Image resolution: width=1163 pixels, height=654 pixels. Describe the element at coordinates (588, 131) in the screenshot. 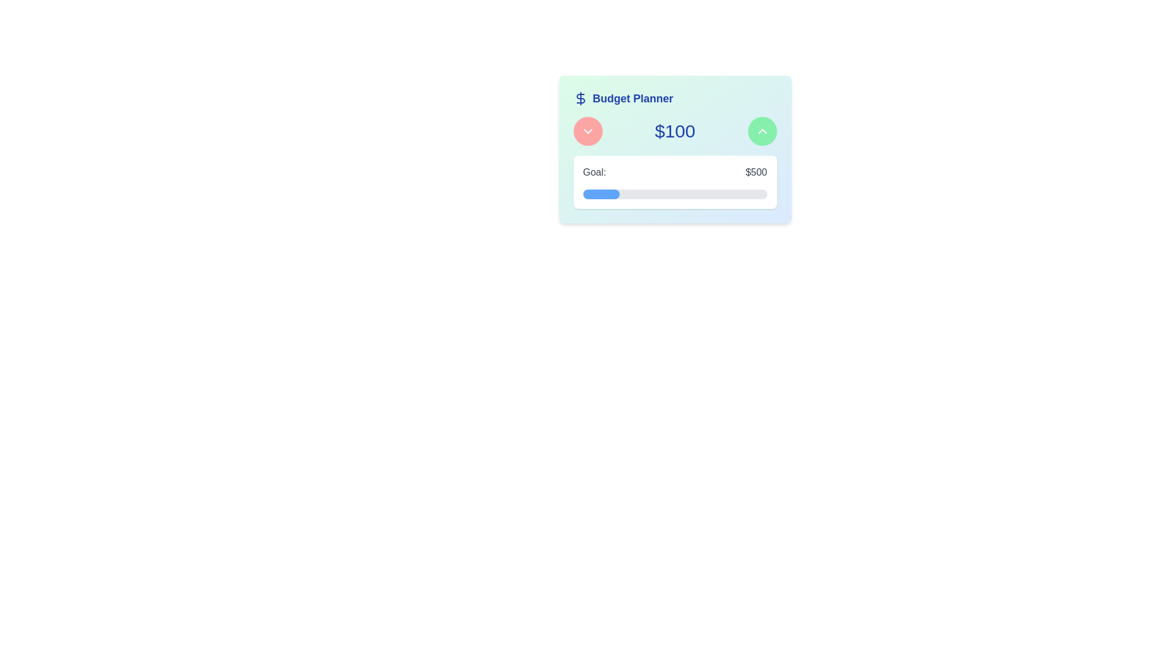

I see `the SVG icon button located in the top-left quadrant of the widget, which is red and adjacent to the '$100' text` at that location.